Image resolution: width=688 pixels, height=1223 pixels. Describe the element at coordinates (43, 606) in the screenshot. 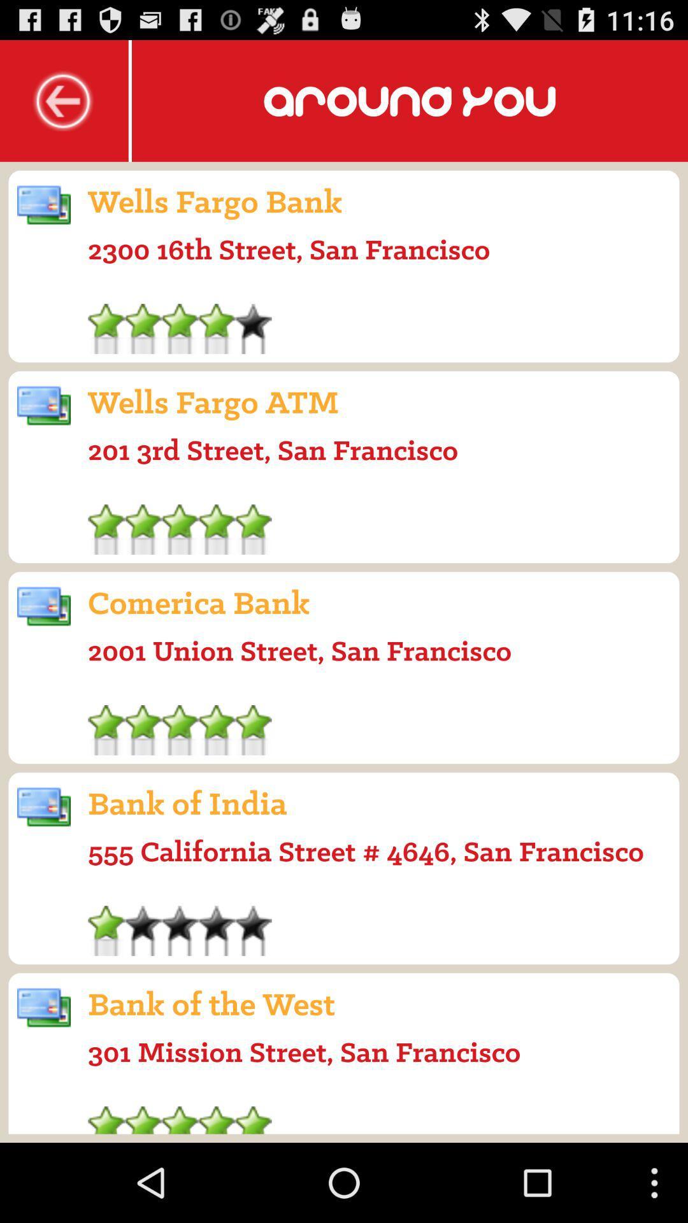

I see `the third icon left to comerica bank` at that location.